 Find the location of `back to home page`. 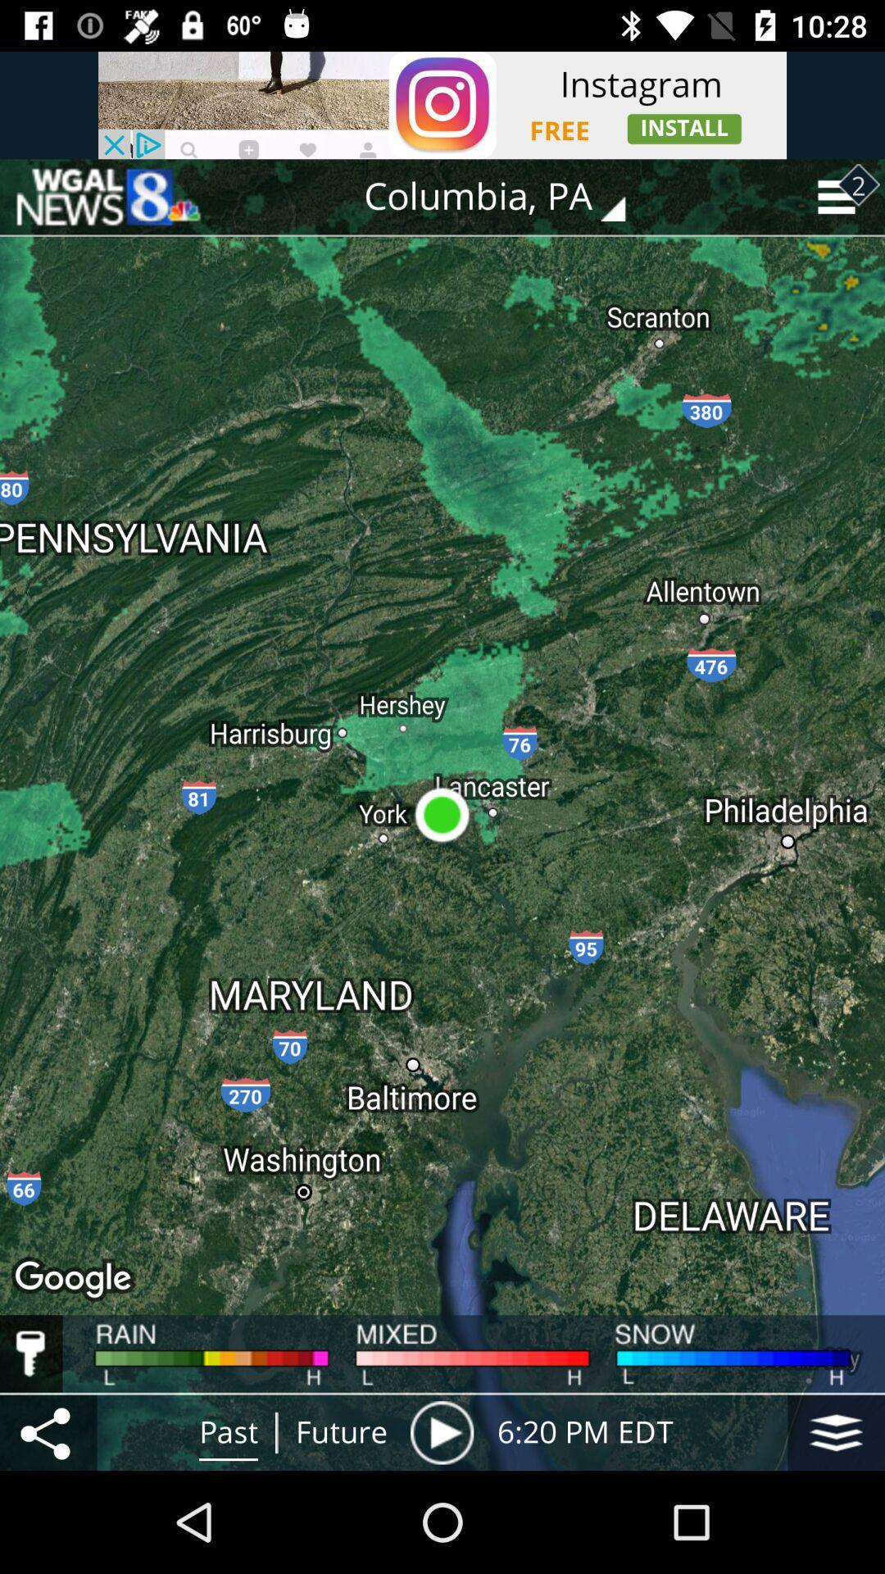

back to home page is located at coordinates (107, 197).